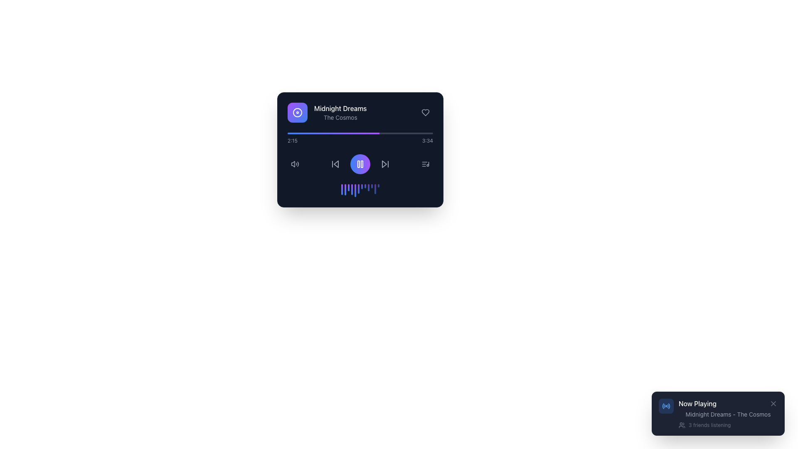 This screenshot has height=449, width=798. I want to click on the descriptive text label indicating that three friends are listening, located in the bottom-right corner under the 'Now Playing' section, so click(709, 425).